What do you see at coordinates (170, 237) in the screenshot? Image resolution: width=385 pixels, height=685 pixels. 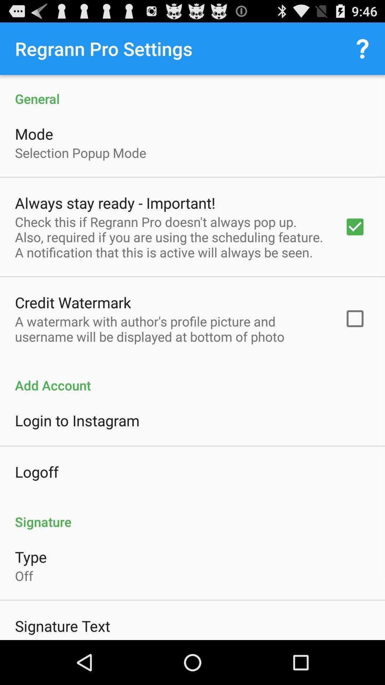 I see `icon below the always stay ready item` at bounding box center [170, 237].